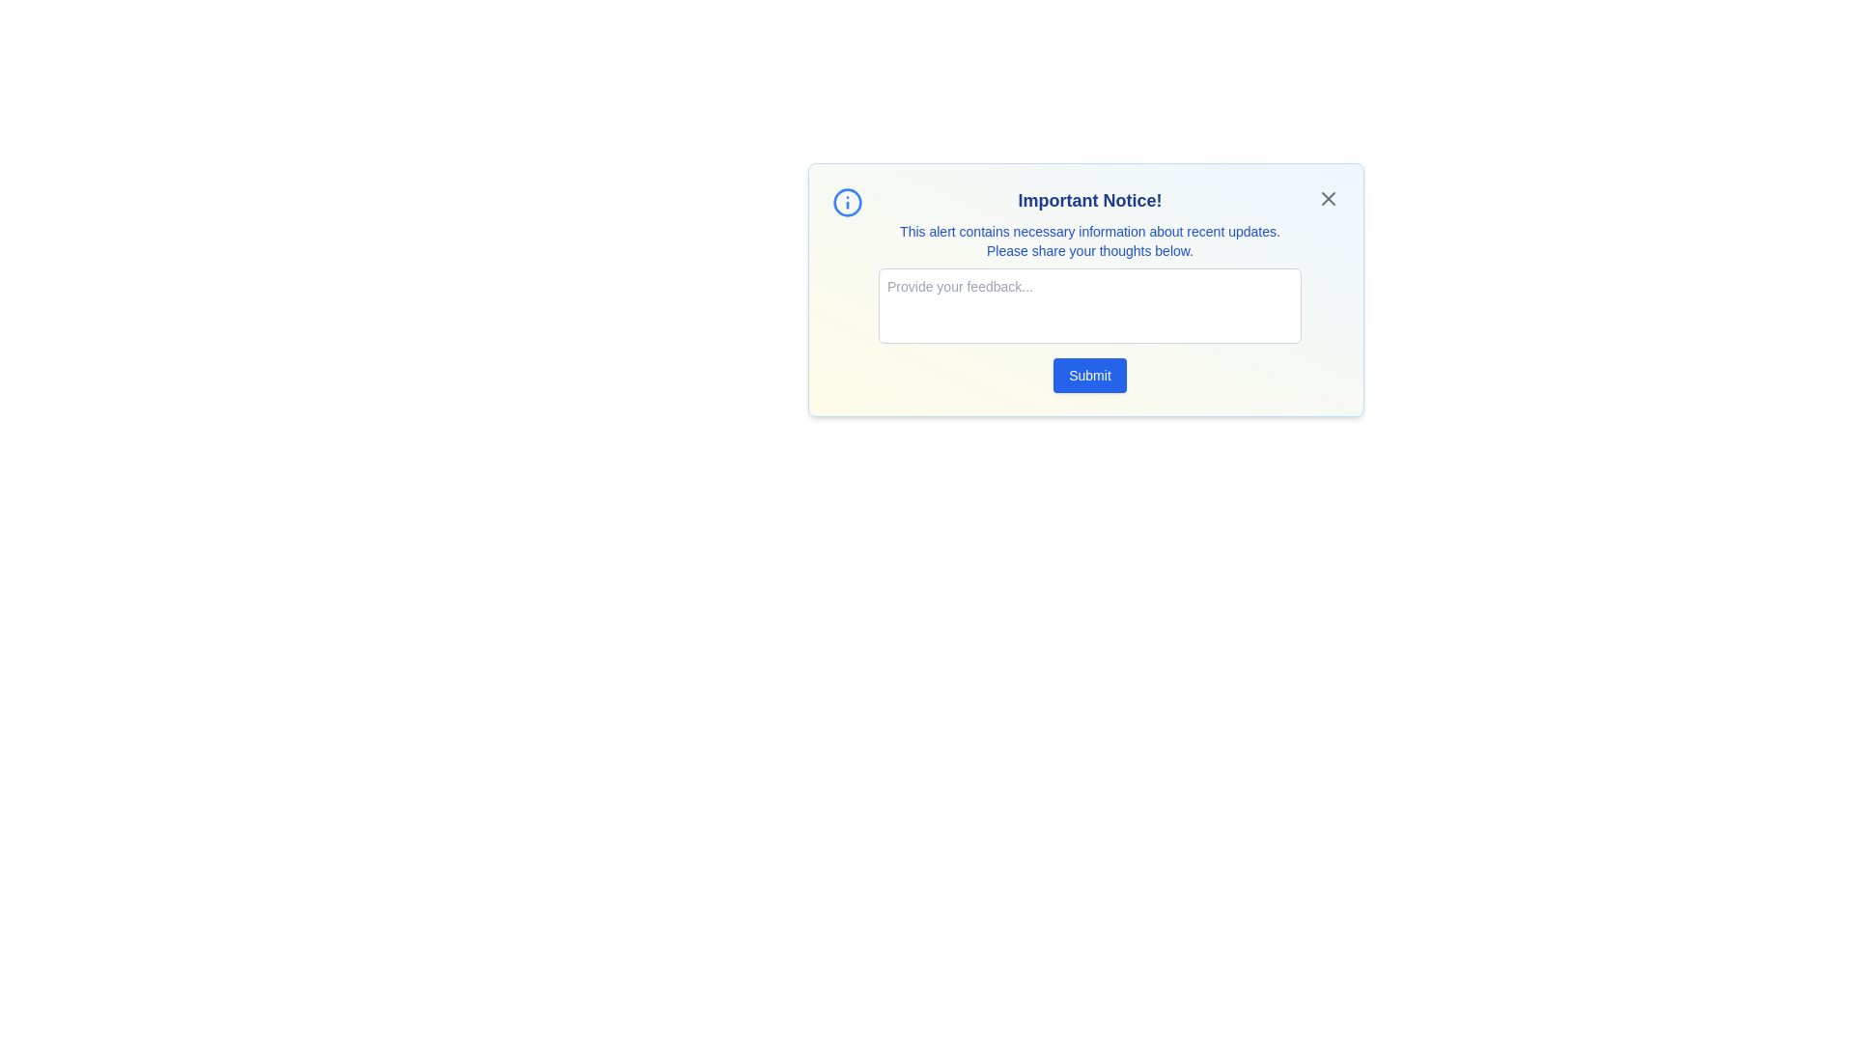 This screenshot has width=1854, height=1043. What do you see at coordinates (1089, 201) in the screenshot?
I see `the 'Important Notice!' text element which is prominently styled in bold blue font at the top-center of the dialog box` at bounding box center [1089, 201].